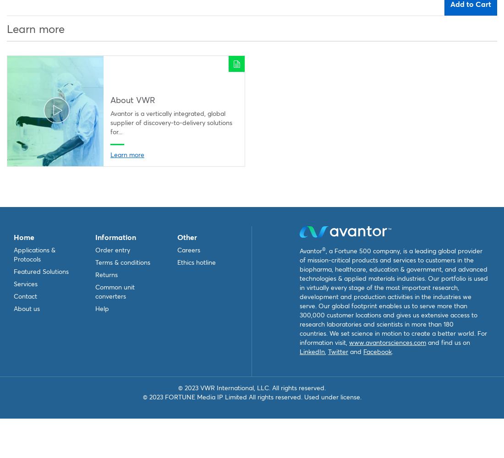  What do you see at coordinates (26, 308) in the screenshot?
I see `'About us'` at bounding box center [26, 308].